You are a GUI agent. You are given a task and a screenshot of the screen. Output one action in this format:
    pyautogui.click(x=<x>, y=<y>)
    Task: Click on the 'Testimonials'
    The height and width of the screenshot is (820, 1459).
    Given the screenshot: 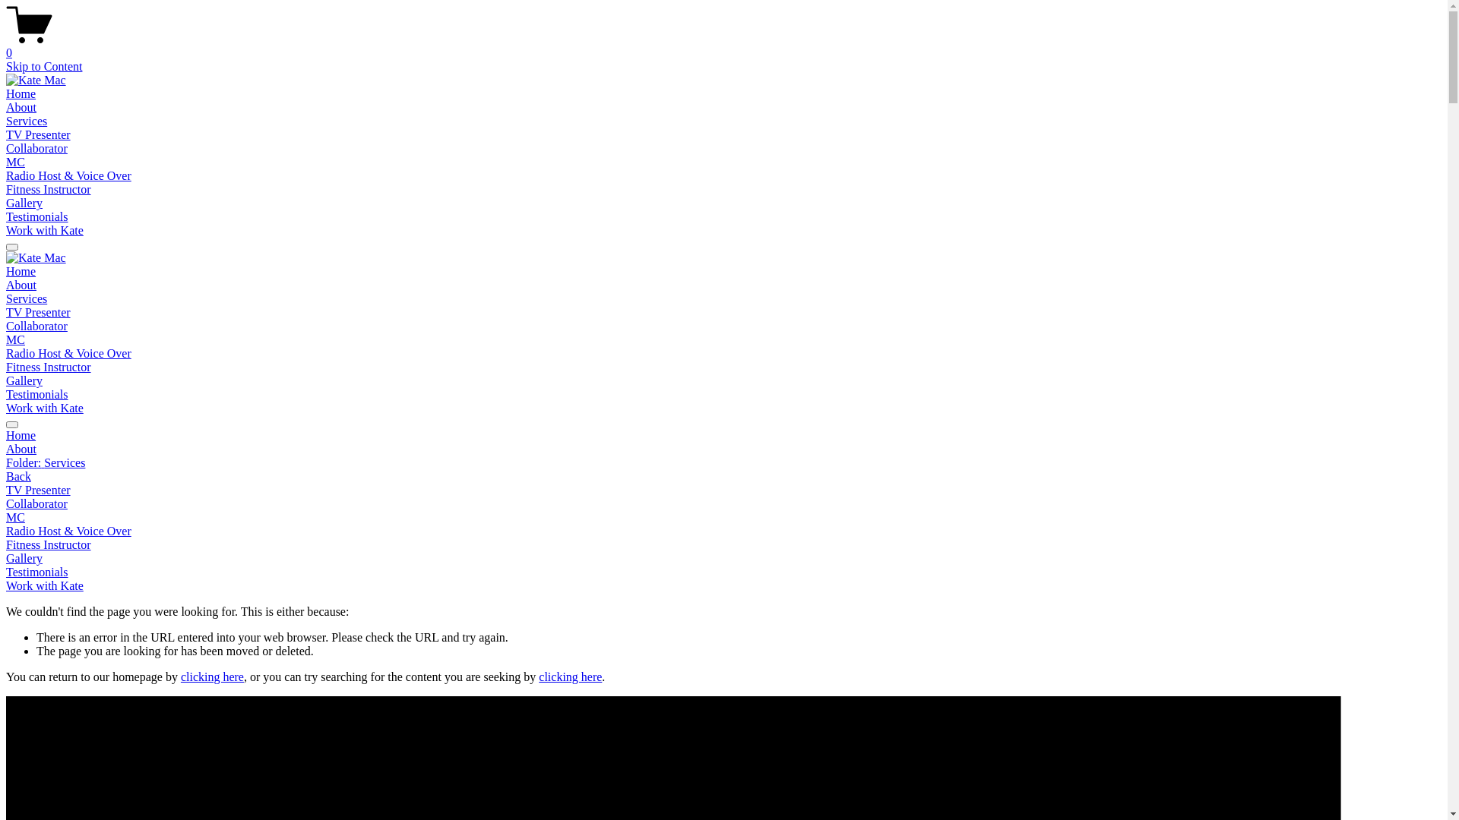 What is the action you would take?
    pyautogui.click(x=36, y=393)
    